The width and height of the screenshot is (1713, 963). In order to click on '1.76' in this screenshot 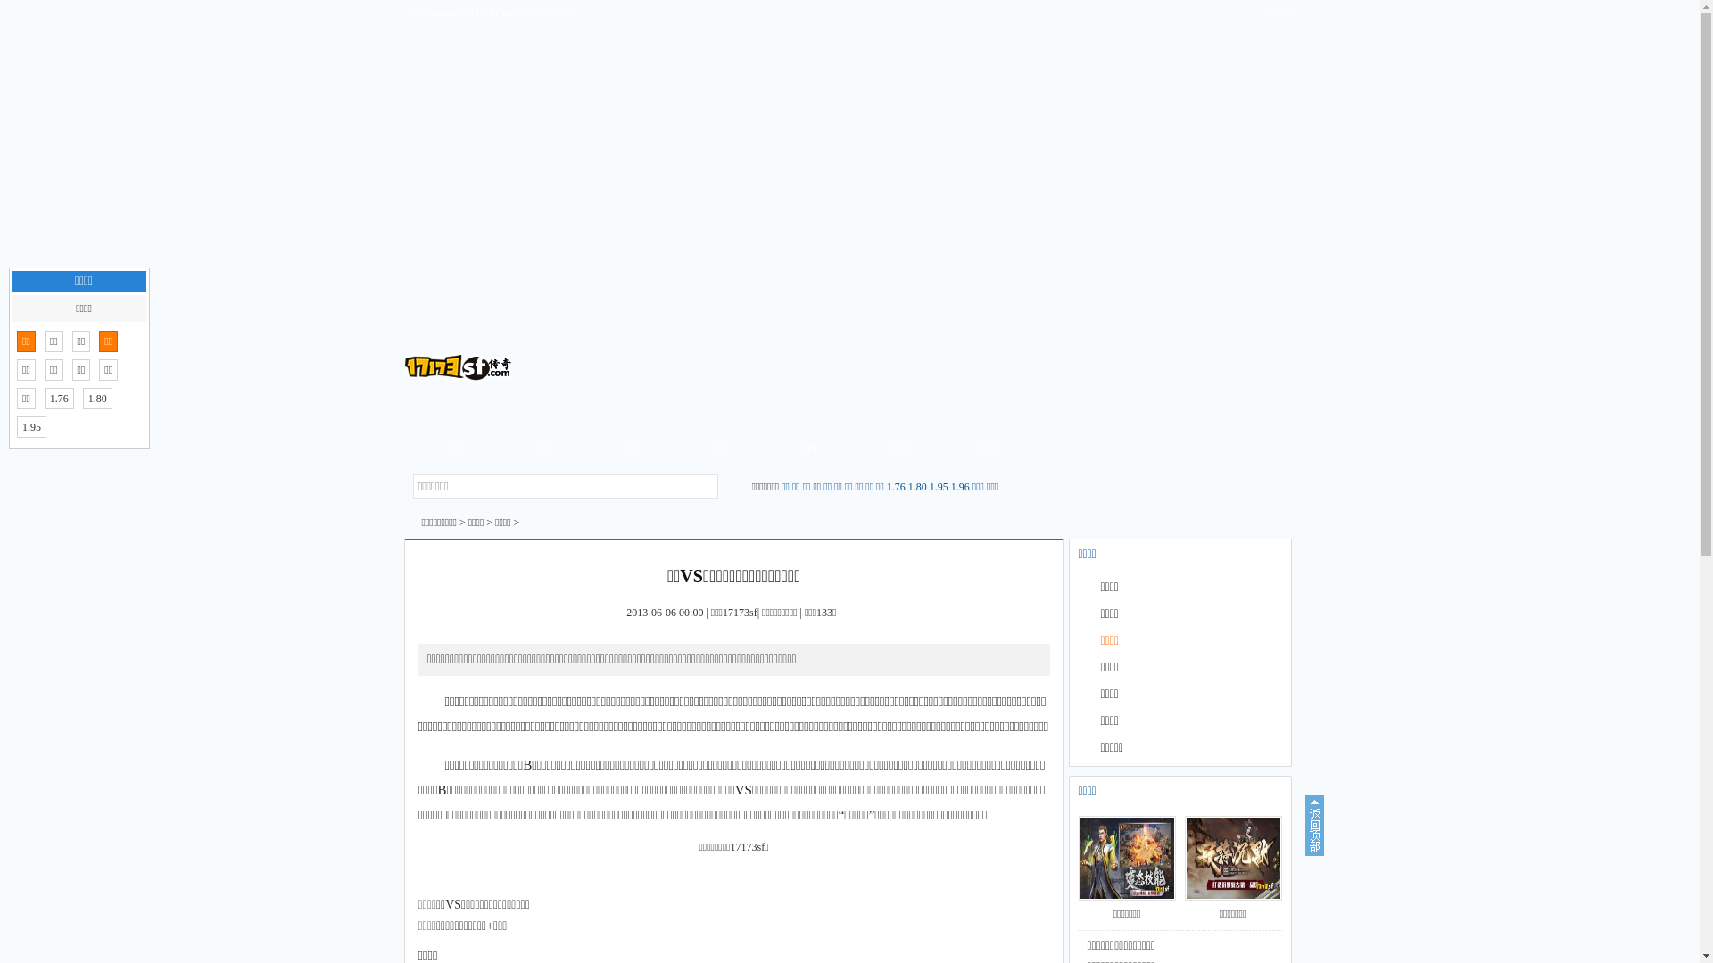, I will do `click(59, 398)`.